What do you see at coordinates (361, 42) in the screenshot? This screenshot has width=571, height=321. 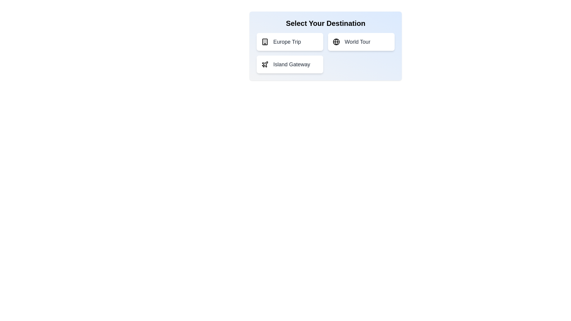 I see `the destination option World Tour` at bounding box center [361, 42].